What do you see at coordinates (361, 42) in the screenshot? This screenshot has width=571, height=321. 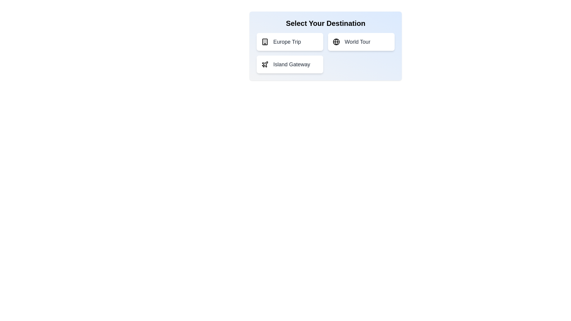 I see `the destination option World Tour` at bounding box center [361, 42].